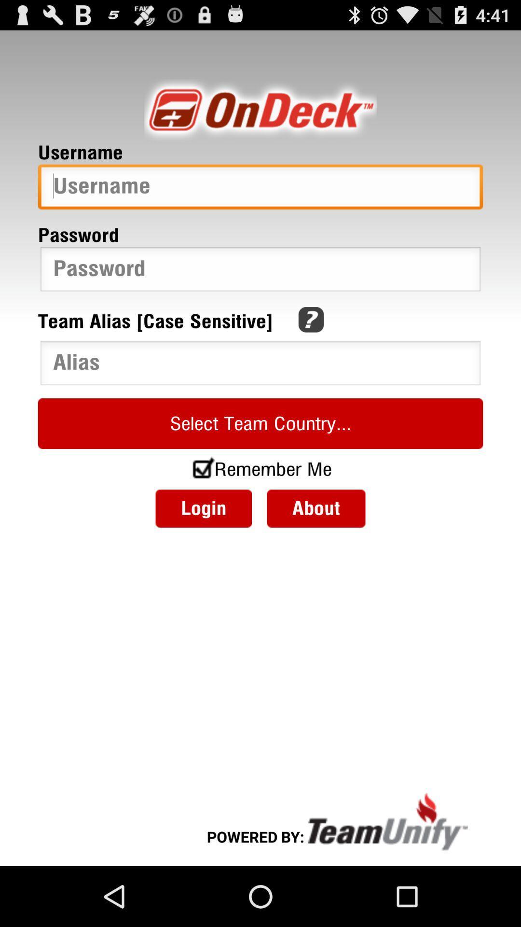 The image size is (521, 927). Describe the element at coordinates (260, 365) in the screenshot. I see `team alias` at that location.